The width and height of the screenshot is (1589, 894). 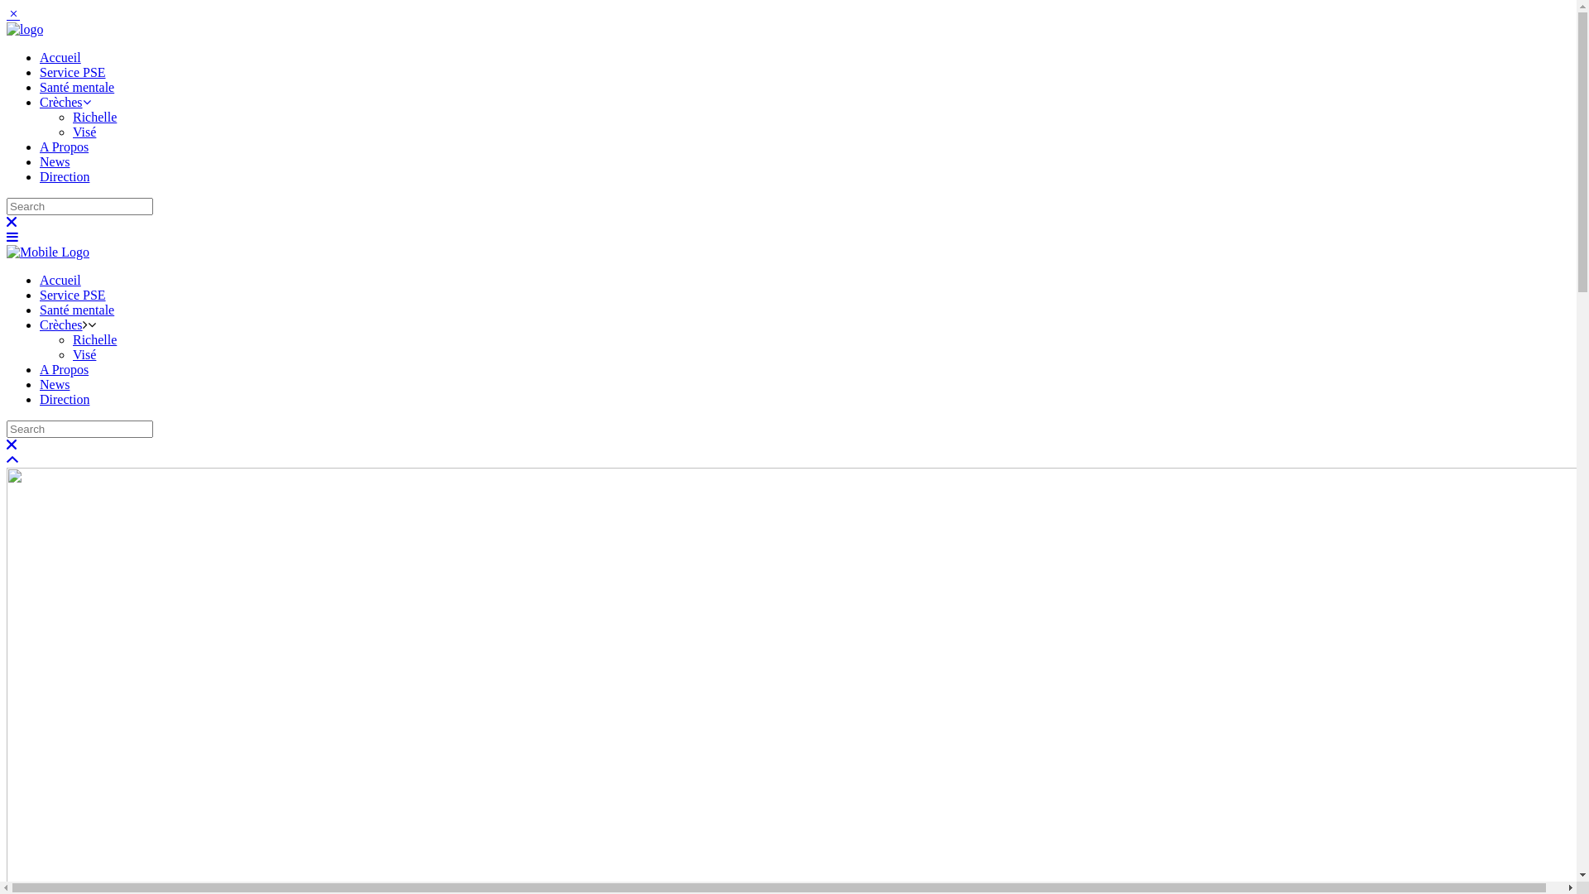 I want to click on 'Service PSE', so click(x=71, y=294).